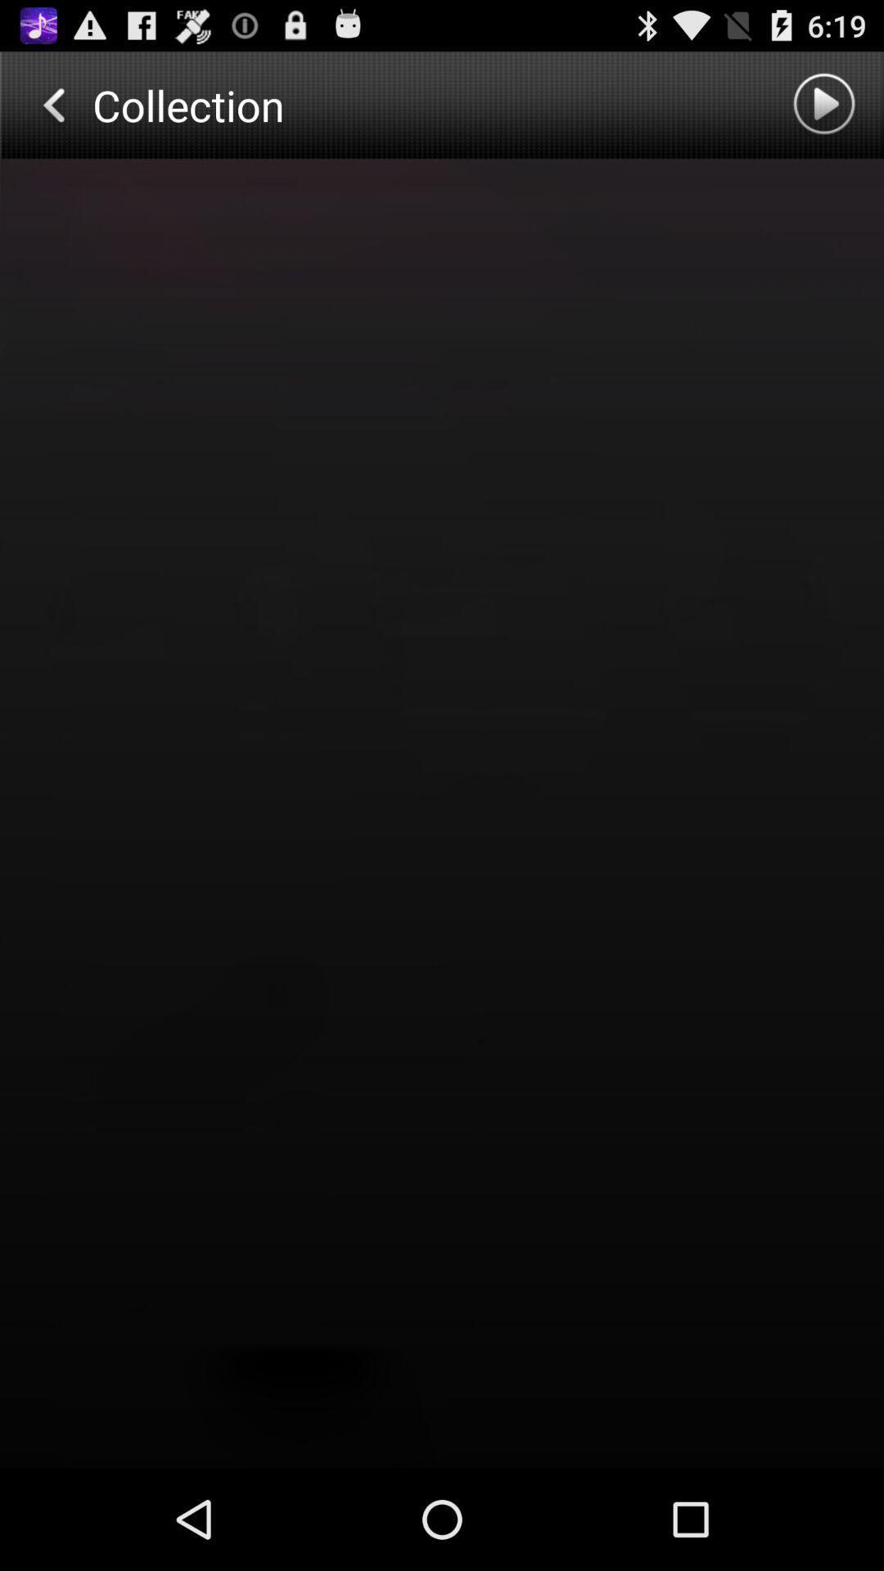 Image resolution: width=884 pixels, height=1571 pixels. I want to click on here is your collection, so click(442, 813).